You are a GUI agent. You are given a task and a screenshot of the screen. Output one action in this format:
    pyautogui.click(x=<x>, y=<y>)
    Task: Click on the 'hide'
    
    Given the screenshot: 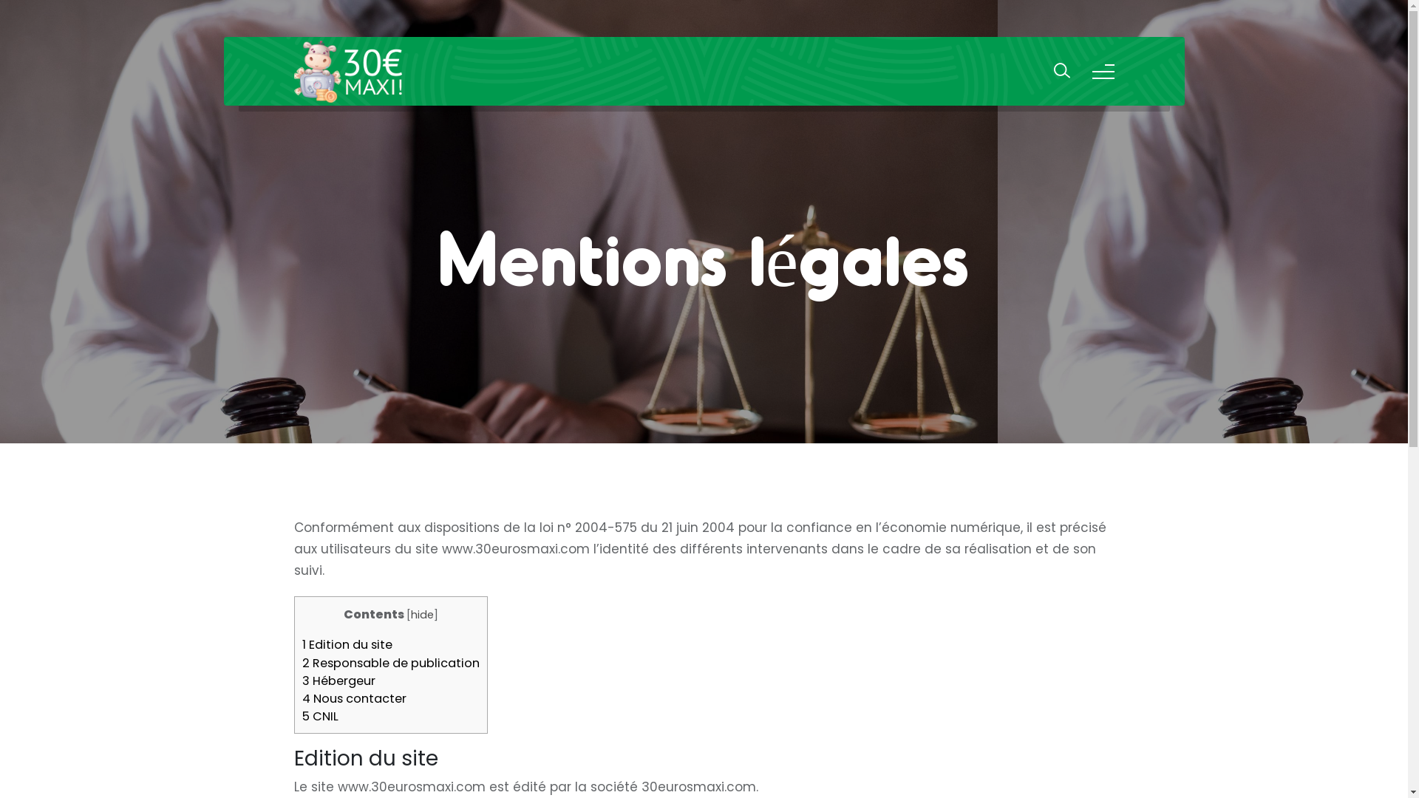 What is the action you would take?
    pyautogui.click(x=421, y=615)
    